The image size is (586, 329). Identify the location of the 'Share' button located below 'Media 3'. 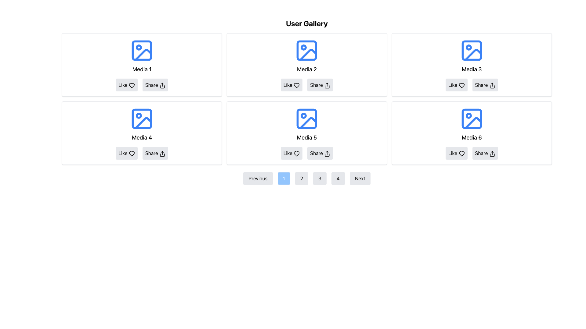
(485, 85).